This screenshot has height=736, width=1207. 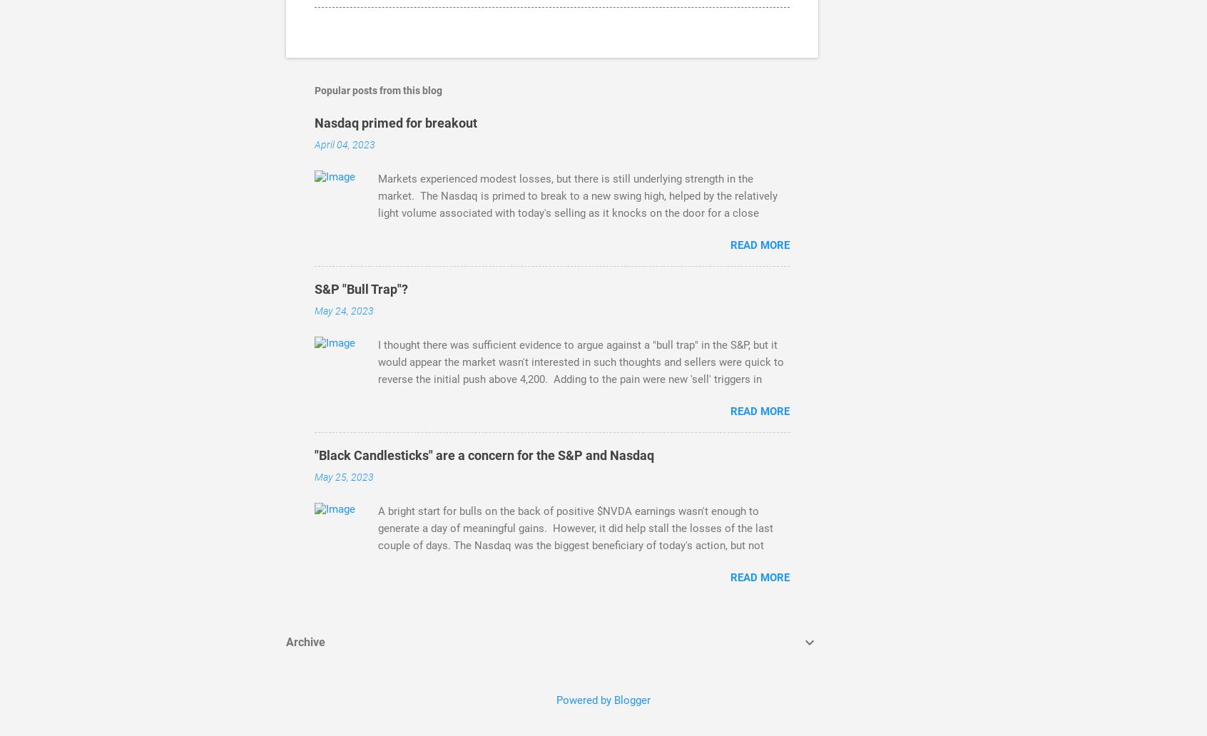 I want to click on 'Archive', so click(x=286, y=642).